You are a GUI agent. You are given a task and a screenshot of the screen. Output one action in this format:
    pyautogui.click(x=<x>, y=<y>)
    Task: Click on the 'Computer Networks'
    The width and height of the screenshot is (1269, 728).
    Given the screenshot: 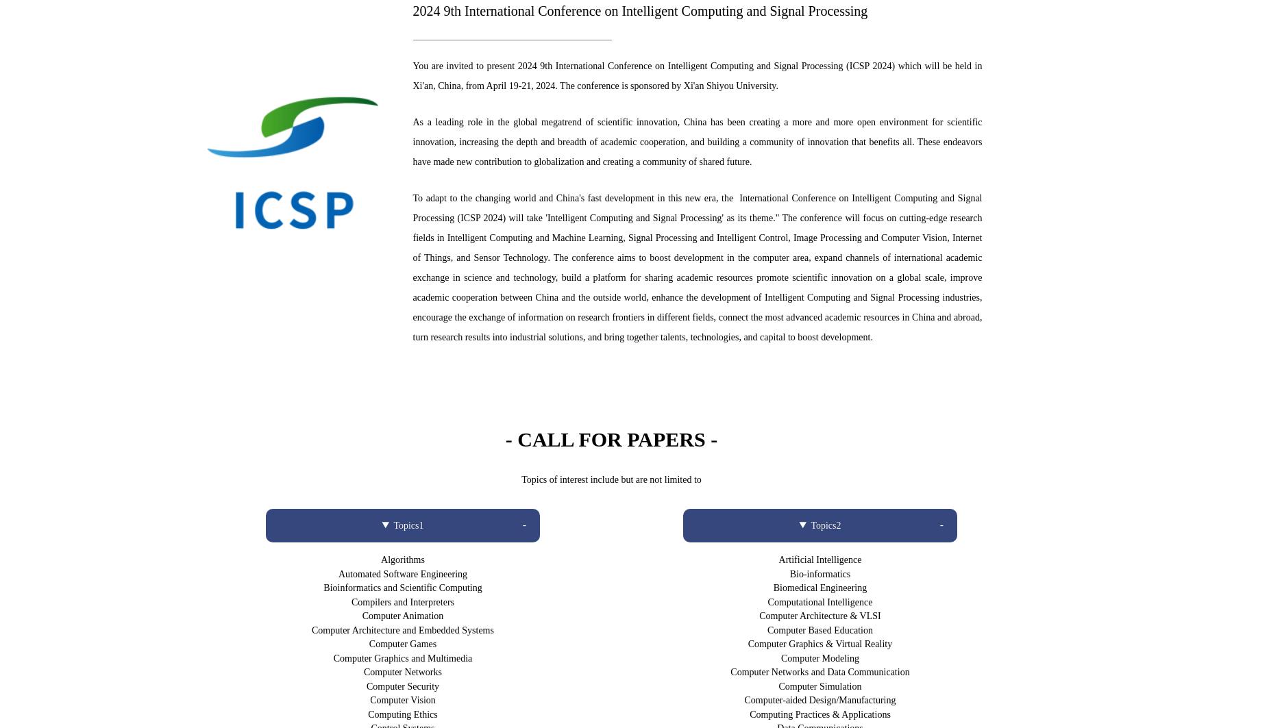 What is the action you would take?
    pyautogui.click(x=402, y=671)
    